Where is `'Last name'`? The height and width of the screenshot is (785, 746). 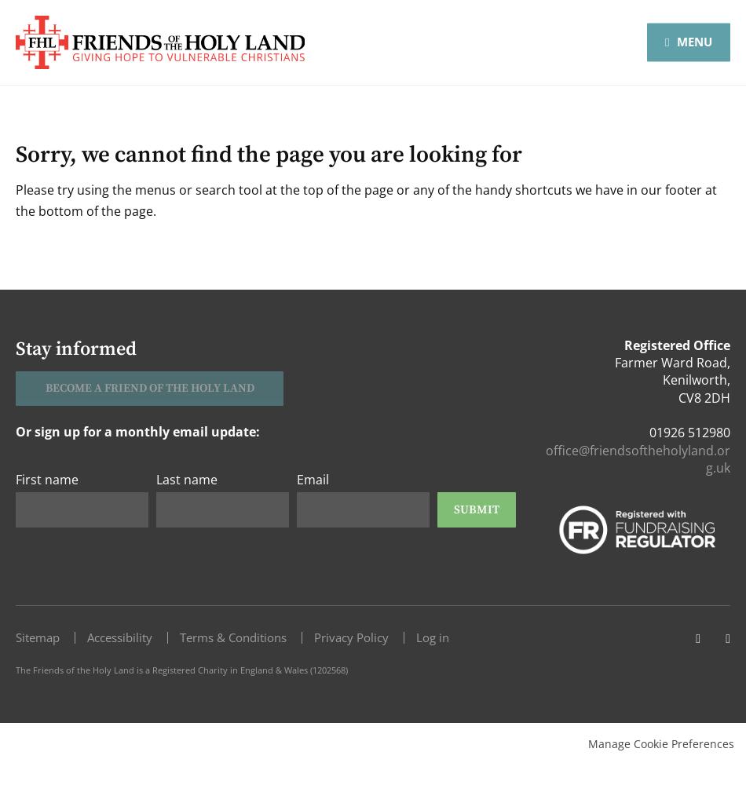 'Last name' is located at coordinates (187, 479).